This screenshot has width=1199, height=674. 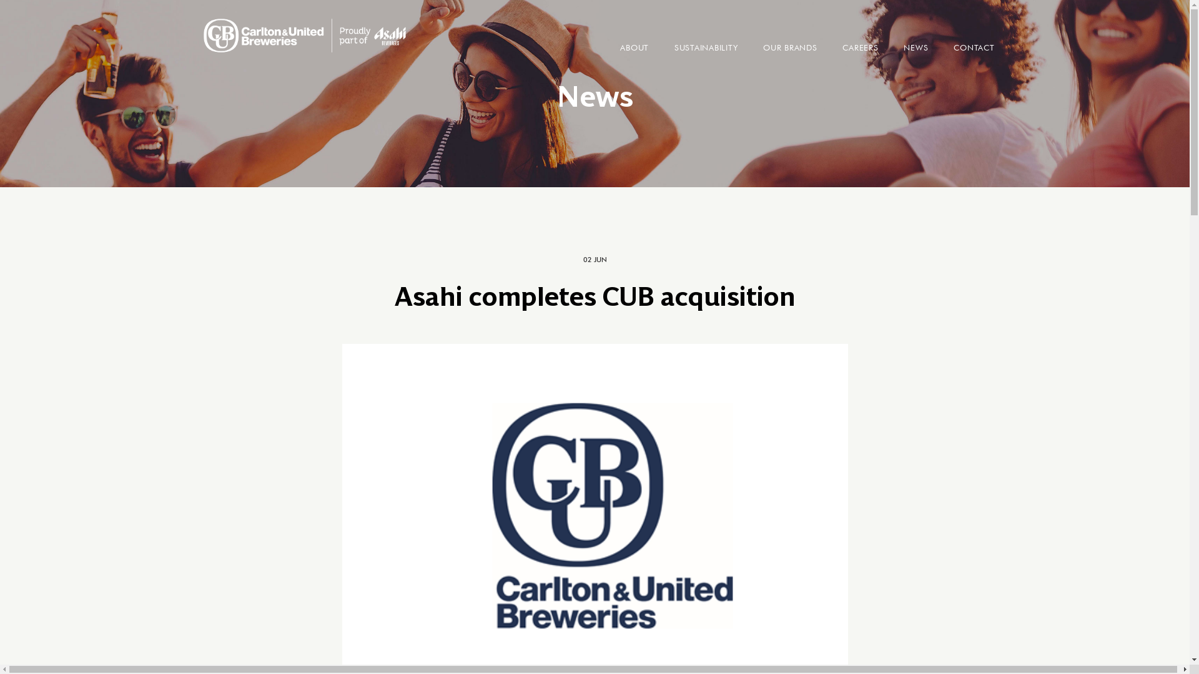 I want to click on 'NEWS', so click(x=915, y=52).